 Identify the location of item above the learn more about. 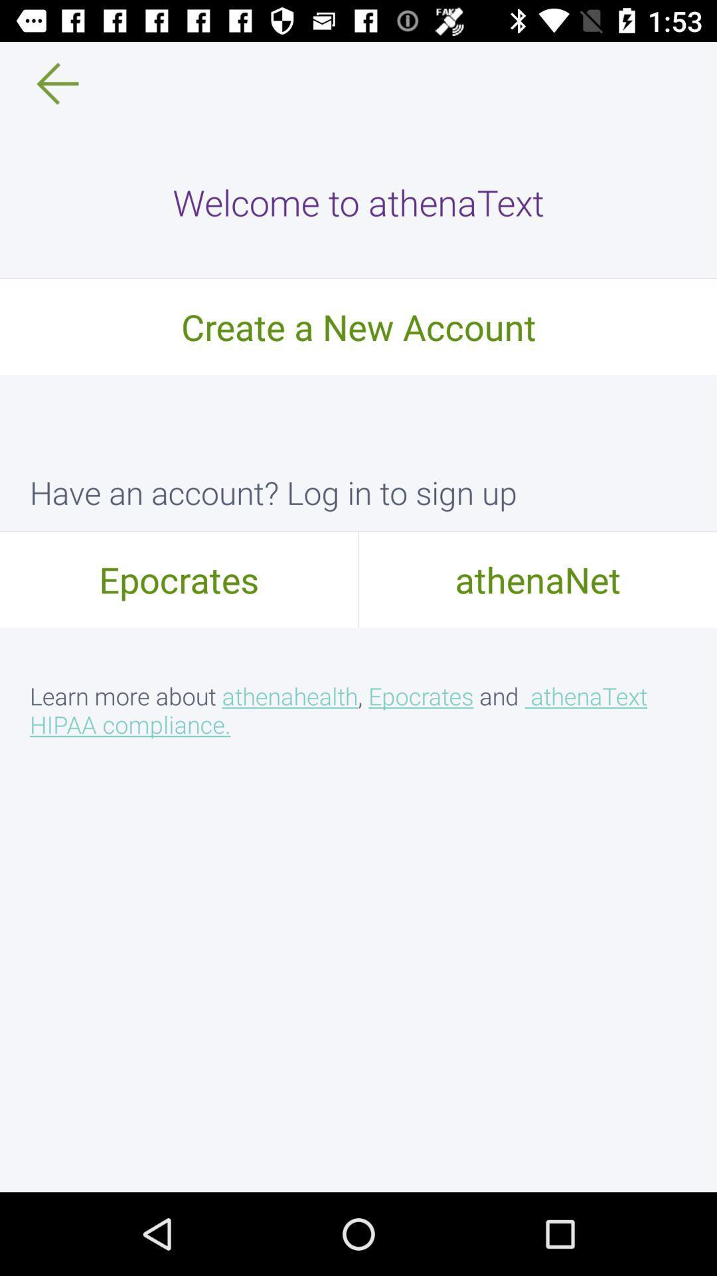
(538, 579).